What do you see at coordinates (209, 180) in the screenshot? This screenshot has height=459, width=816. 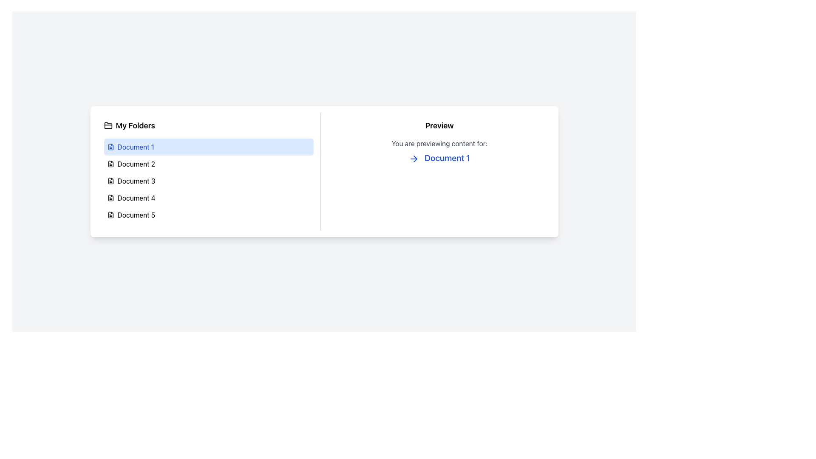 I see `the third clickable list item labeled 'Document 3' in the 'My Folders' section` at bounding box center [209, 180].